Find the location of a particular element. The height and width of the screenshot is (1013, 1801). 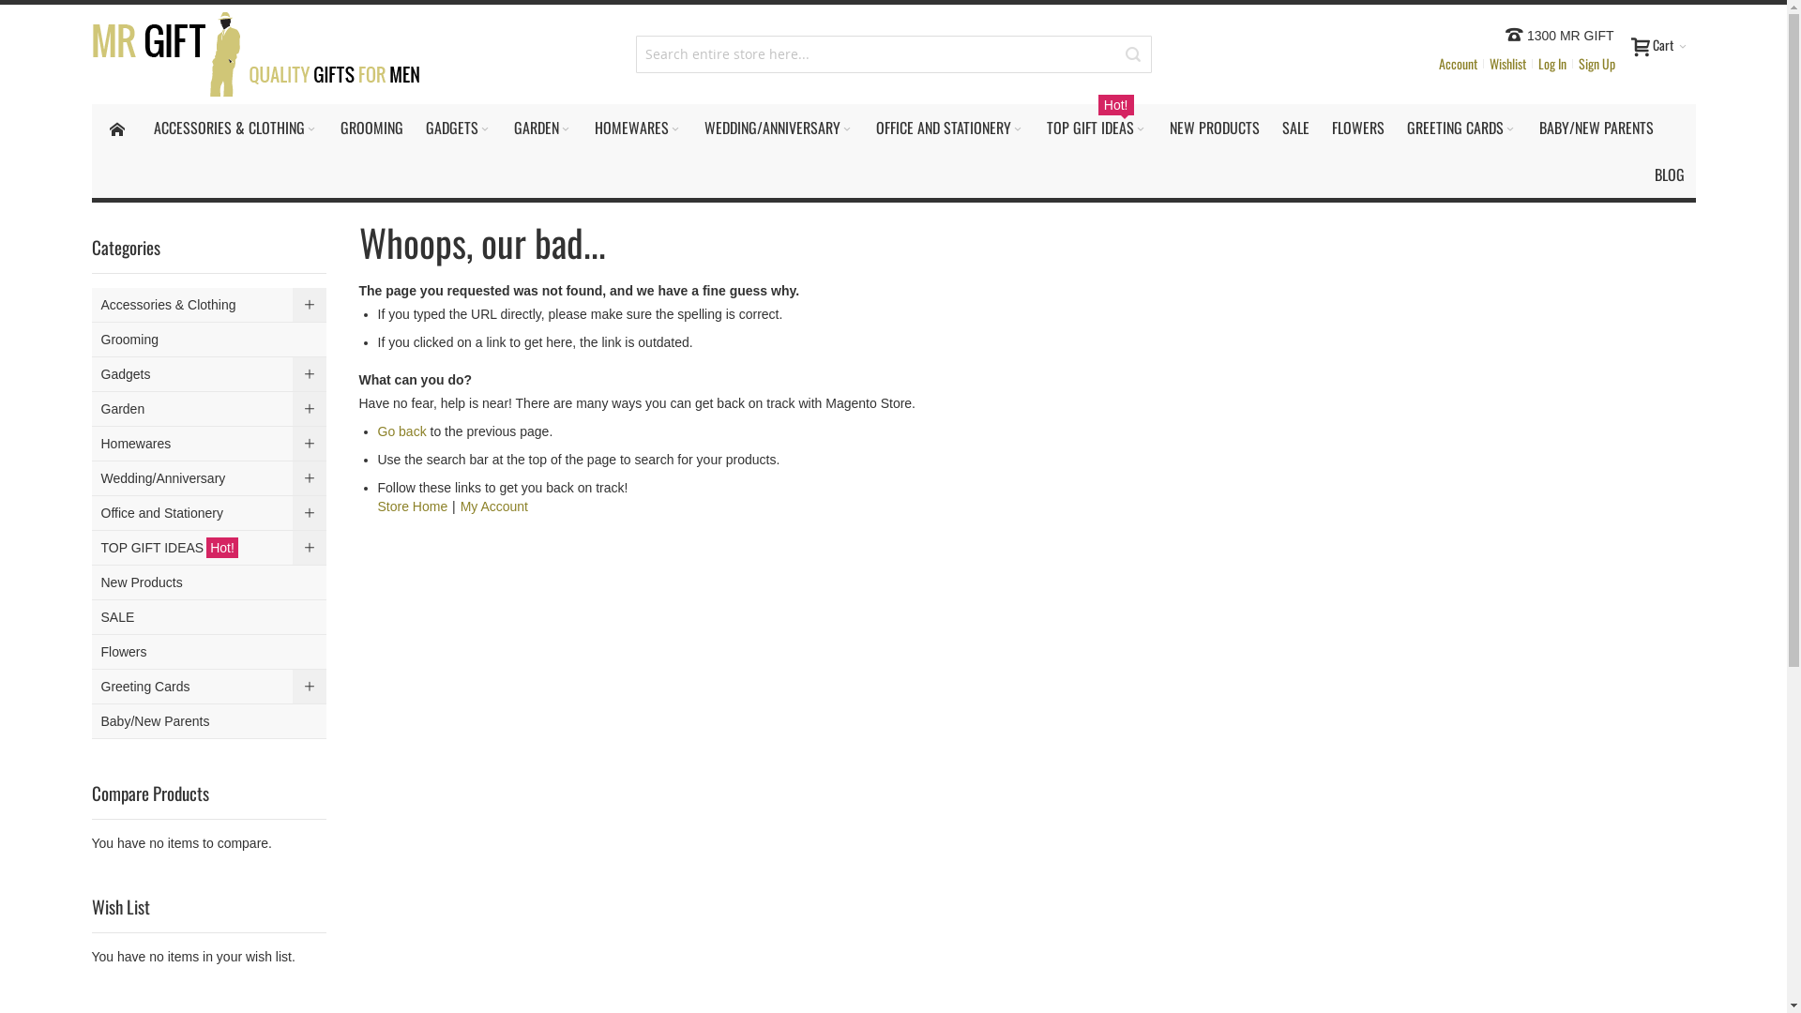

'Greeting Cards' is located at coordinates (209, 687).